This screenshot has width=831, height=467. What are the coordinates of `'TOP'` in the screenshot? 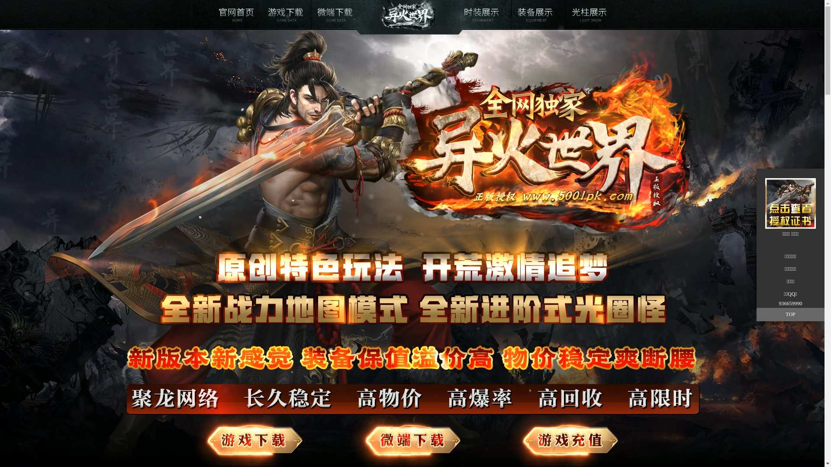 It's located at (790, 314).